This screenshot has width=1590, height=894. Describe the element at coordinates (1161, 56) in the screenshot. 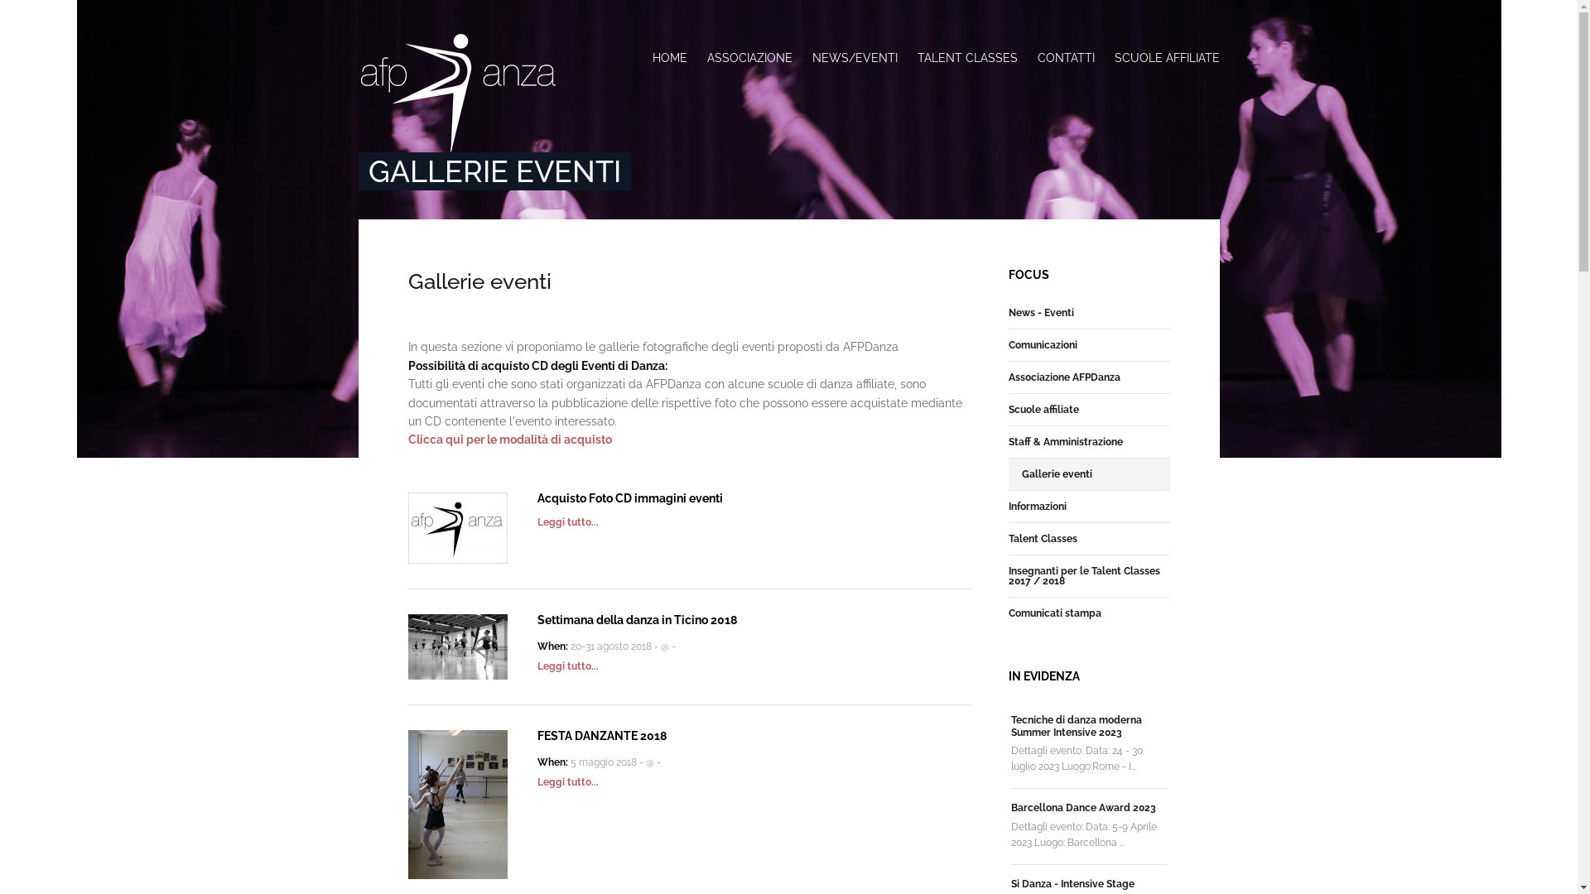

I see `'SCUOLE AFFILIATE'` at that location.